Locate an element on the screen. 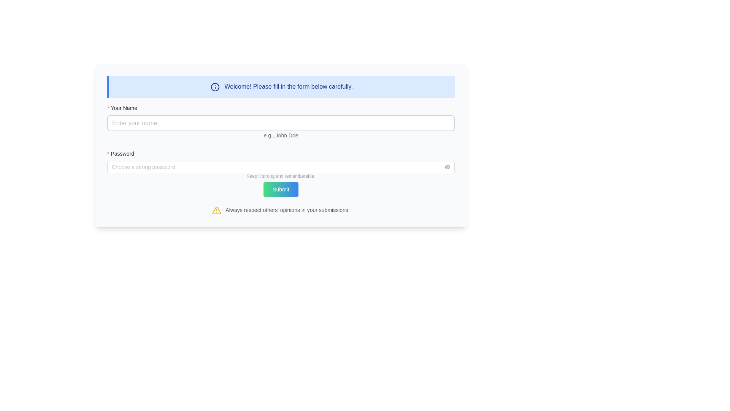  the Notification/Instructional Panel that has a light blue background, a bold left border, an 'i' icon, and the text 'Welcome! Please fill in the form below carefully.' is located at coordinates (281, 86).